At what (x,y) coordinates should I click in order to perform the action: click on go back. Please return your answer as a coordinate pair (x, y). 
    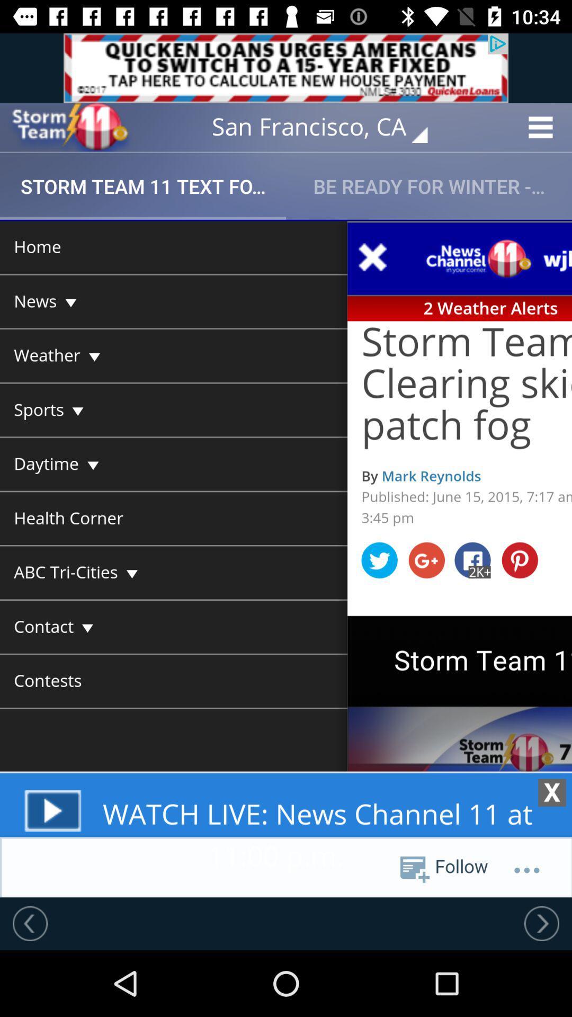
    Looking at the image, I should click on (30, 923).